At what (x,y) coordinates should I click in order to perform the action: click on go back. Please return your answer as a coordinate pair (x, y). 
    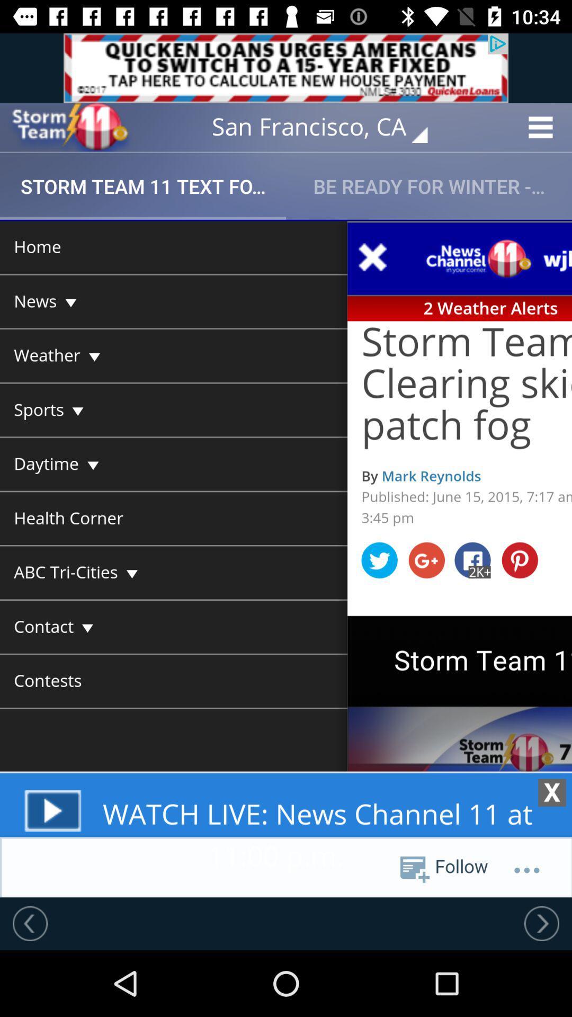
    Looking at the image, I should click on (30, 923).